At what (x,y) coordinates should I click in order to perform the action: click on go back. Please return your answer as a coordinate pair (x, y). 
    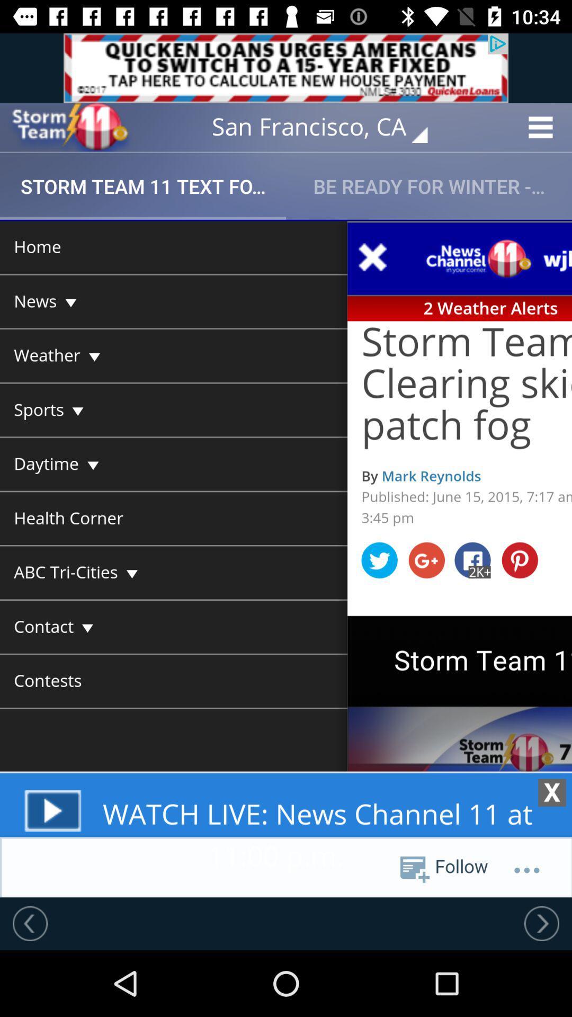
    Looking at the image, I should click on (30, 923).